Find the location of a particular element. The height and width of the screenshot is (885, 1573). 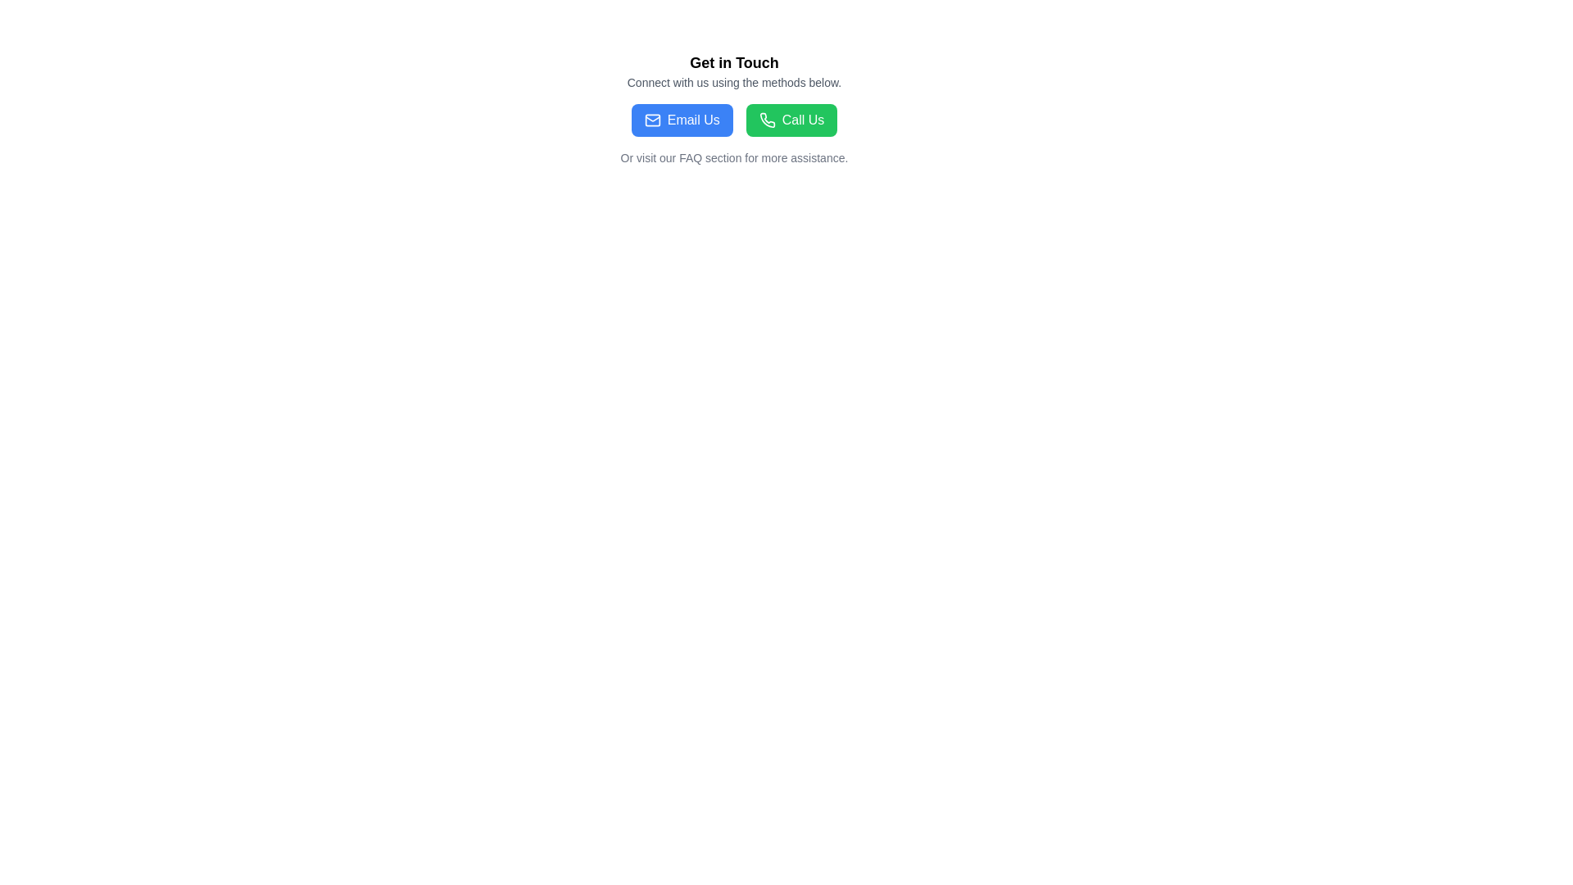

the call-to-action button located to the right of the 'Email Us' button is located at coordinates (791, 119).